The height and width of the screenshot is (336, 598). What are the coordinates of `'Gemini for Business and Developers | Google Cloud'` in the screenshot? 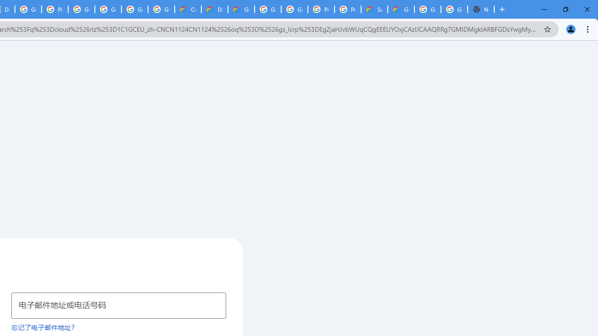 It's located at (241, 9).